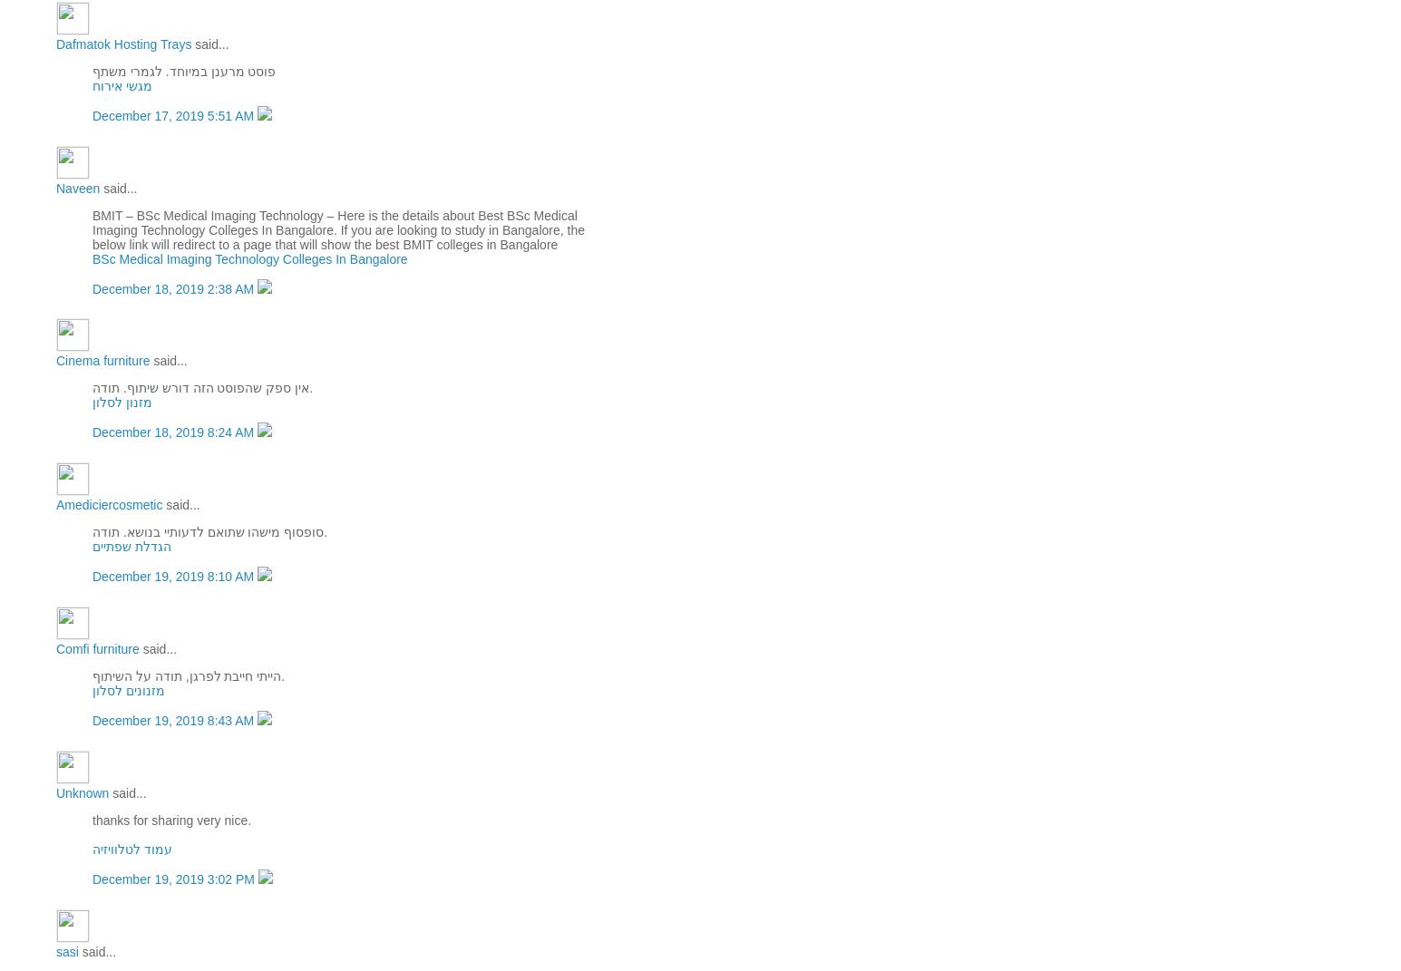 This screenshot has height=971, width=1401. Describe the element at coordinates (77, 187) in the screenshot. I see `'Naveen'` at that location.